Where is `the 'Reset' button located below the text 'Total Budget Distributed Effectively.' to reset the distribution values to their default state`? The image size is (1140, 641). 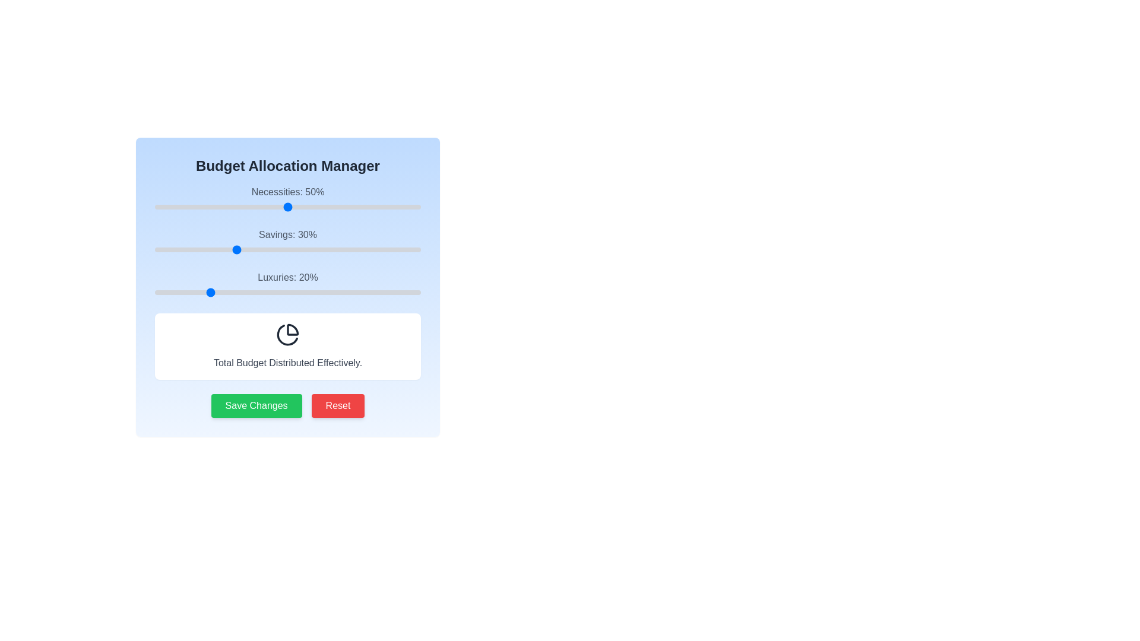 the 'Reset' button located below the text 'Total Budget Distributed Effectively.' to reset the distribution values to their default state is located at coordinates (337, 405).